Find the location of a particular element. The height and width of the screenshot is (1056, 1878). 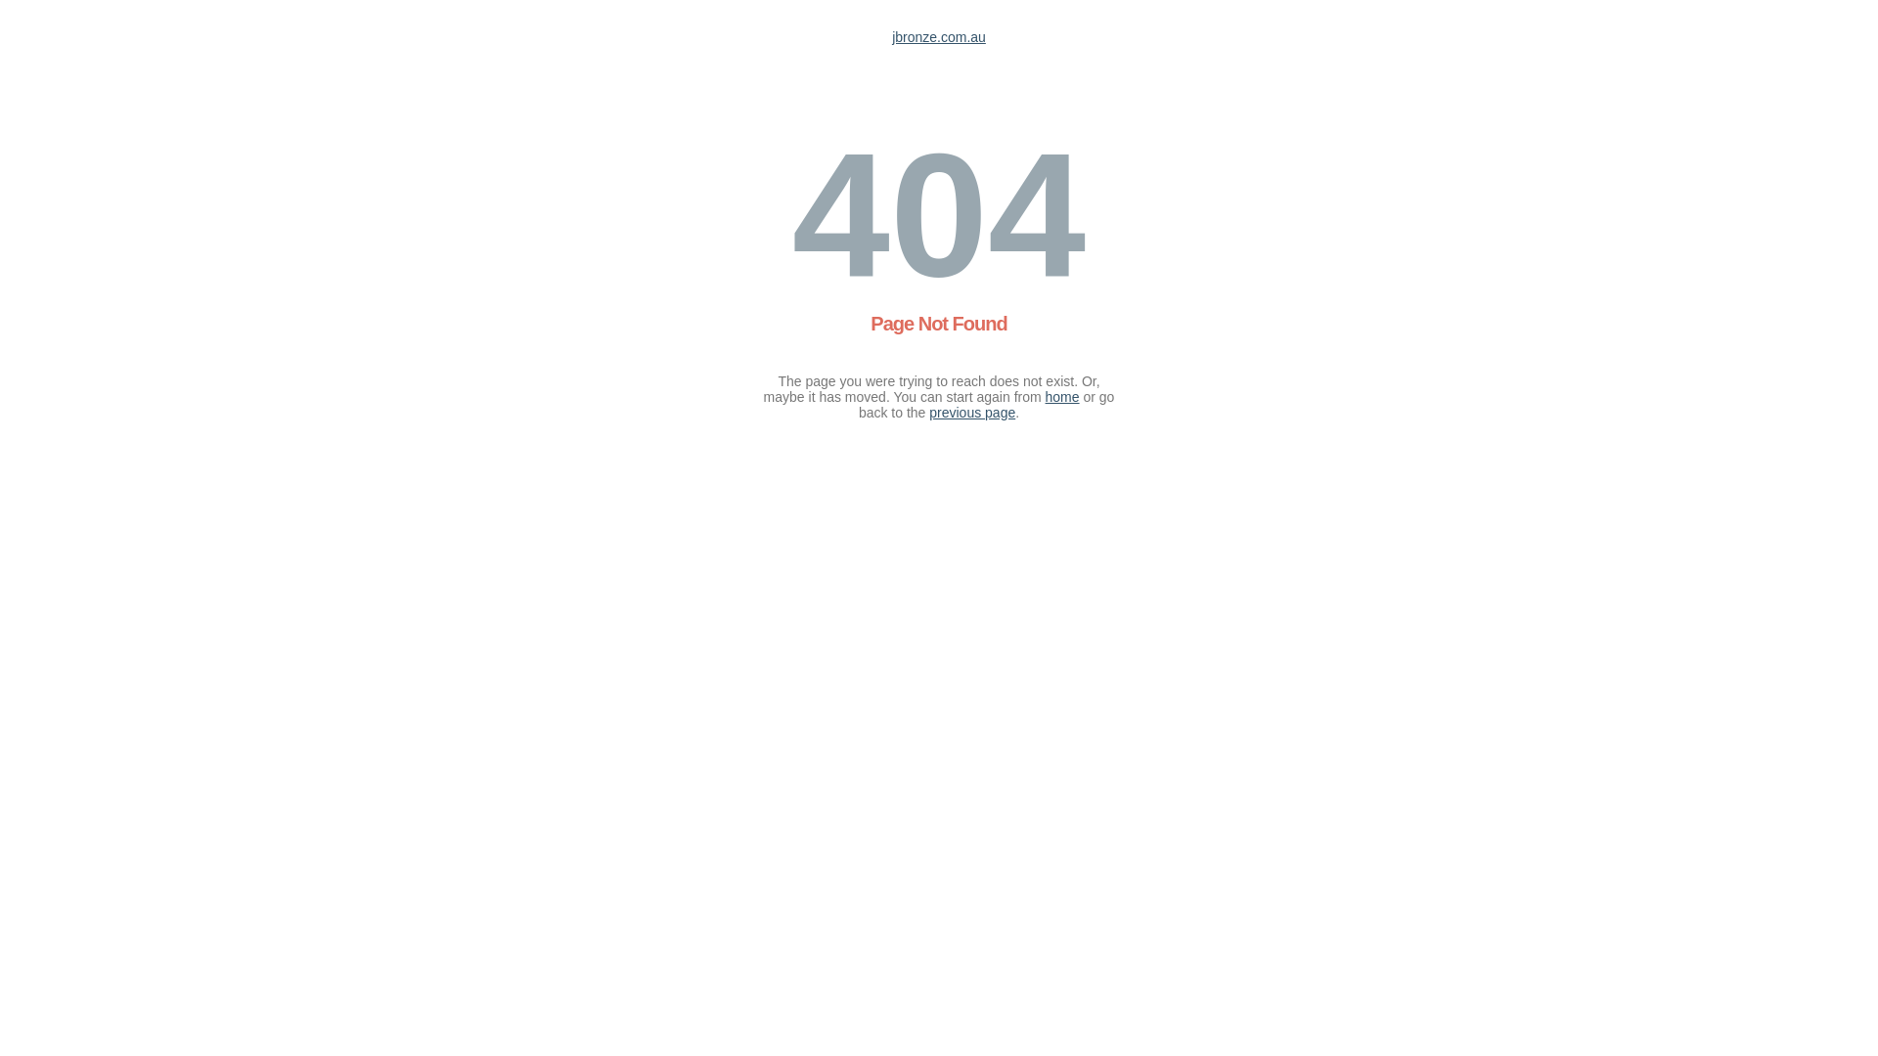

'home' is located at coordinates (1045, 396).